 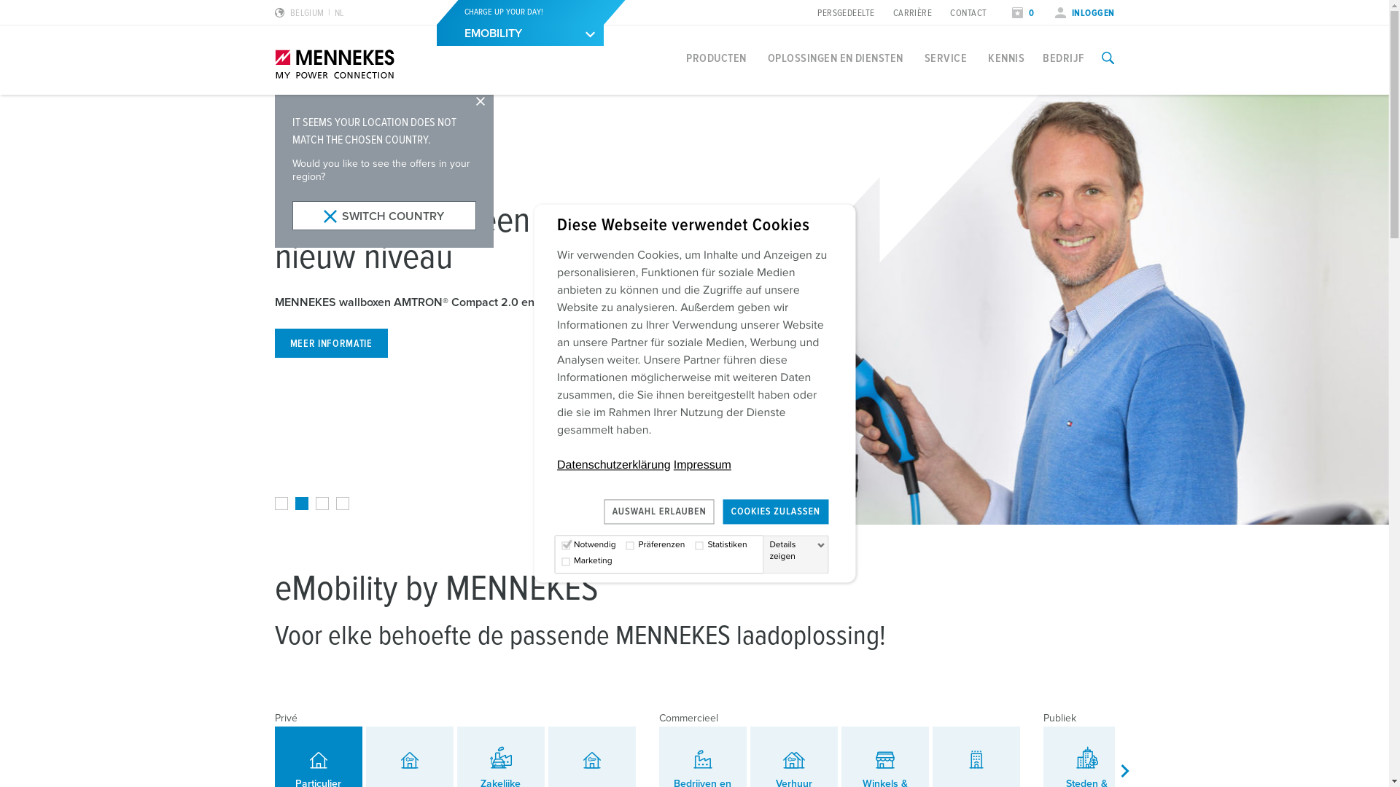 What do you see at coordinates (330, 342) in the screenshot?
I see `'MEER INFORMATIE'` at bounding box center [330, 342].